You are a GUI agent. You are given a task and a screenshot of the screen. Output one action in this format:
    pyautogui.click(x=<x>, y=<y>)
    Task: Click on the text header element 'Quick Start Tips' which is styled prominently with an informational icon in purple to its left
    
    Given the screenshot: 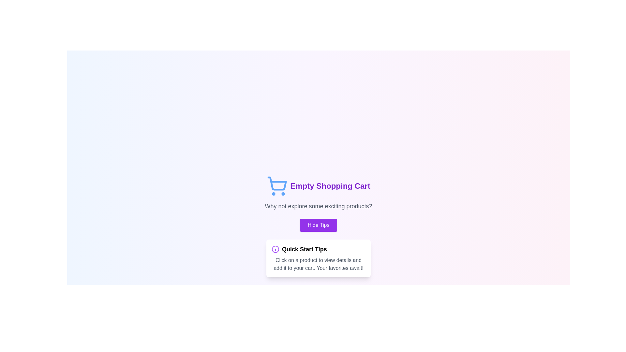 What is the action you would take?
    pyautogui.click(x=319, y=249)
    